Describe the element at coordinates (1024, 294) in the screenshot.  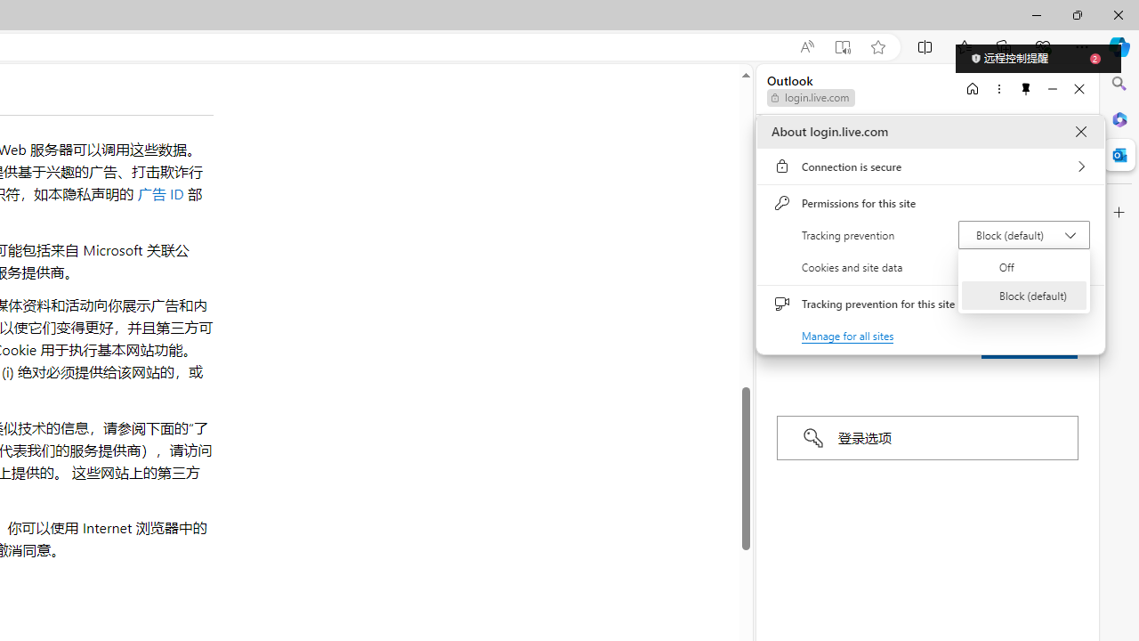
I see `'Block (default)'` at that location.